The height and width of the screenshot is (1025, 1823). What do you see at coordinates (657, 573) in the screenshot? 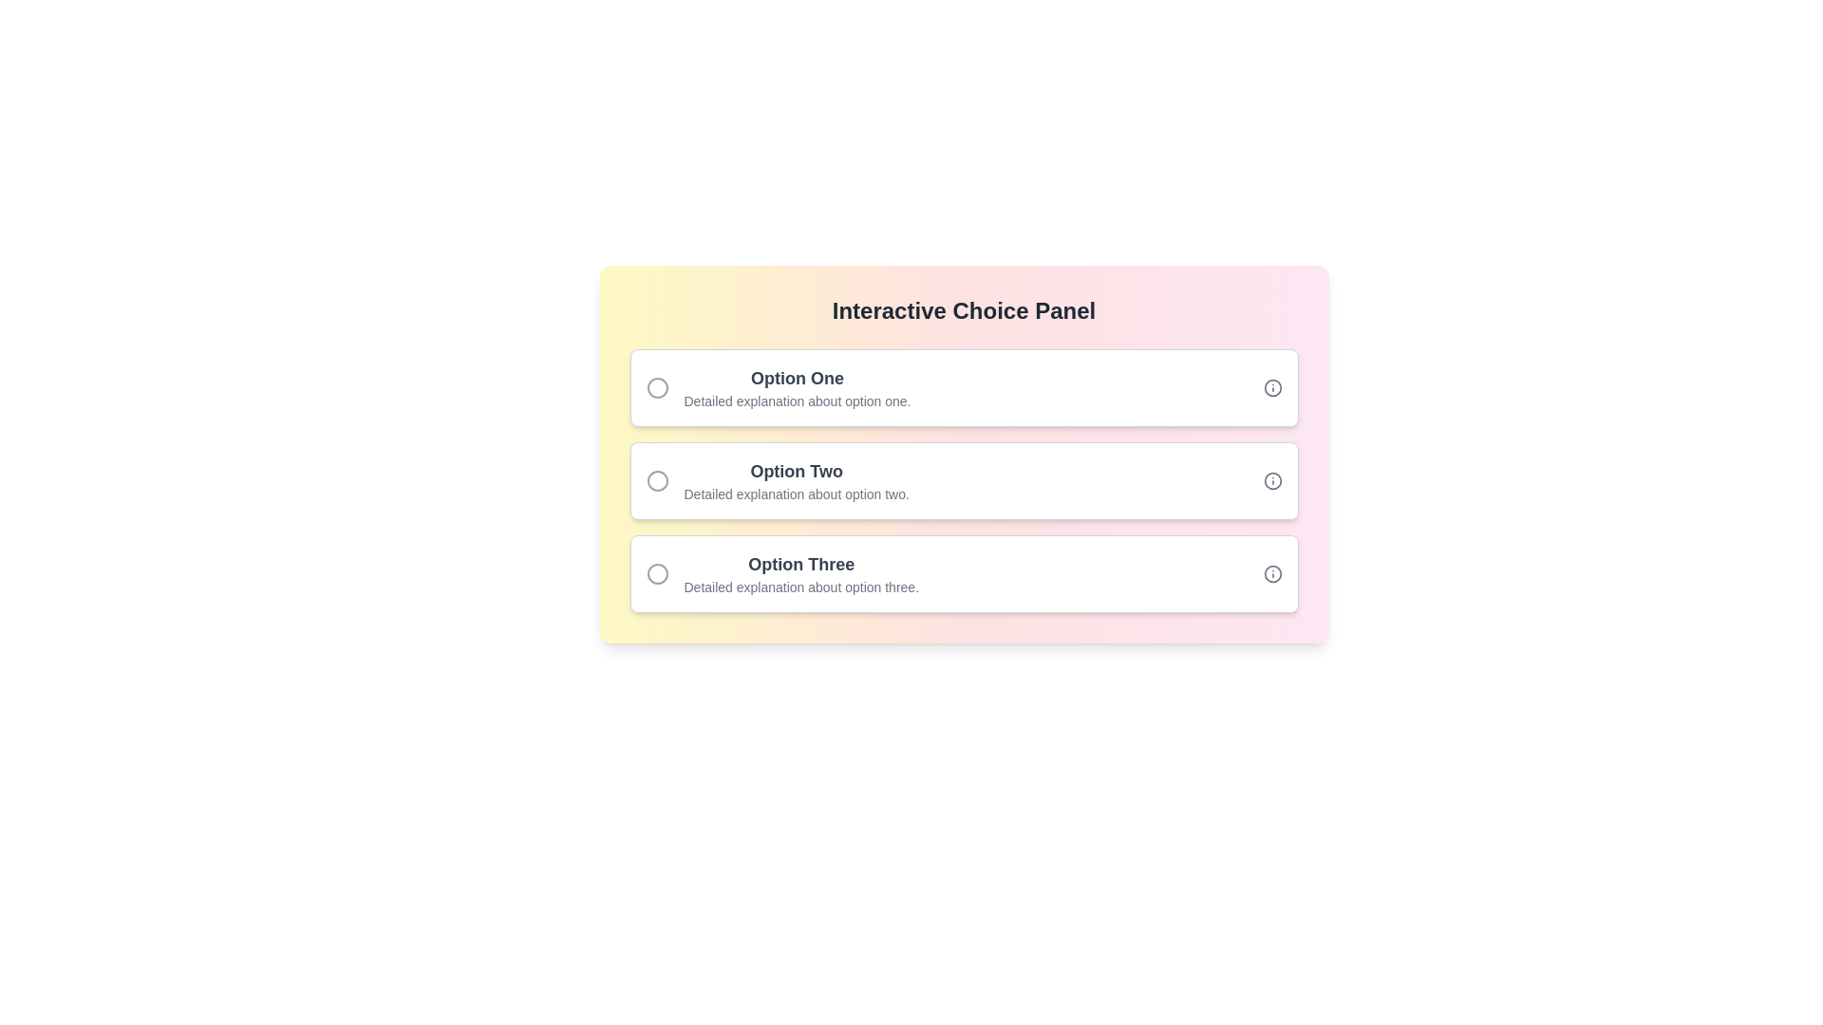
I see `the circular icon element, which serves as a placeholder for a radio button` at bounding box center [657, 573].